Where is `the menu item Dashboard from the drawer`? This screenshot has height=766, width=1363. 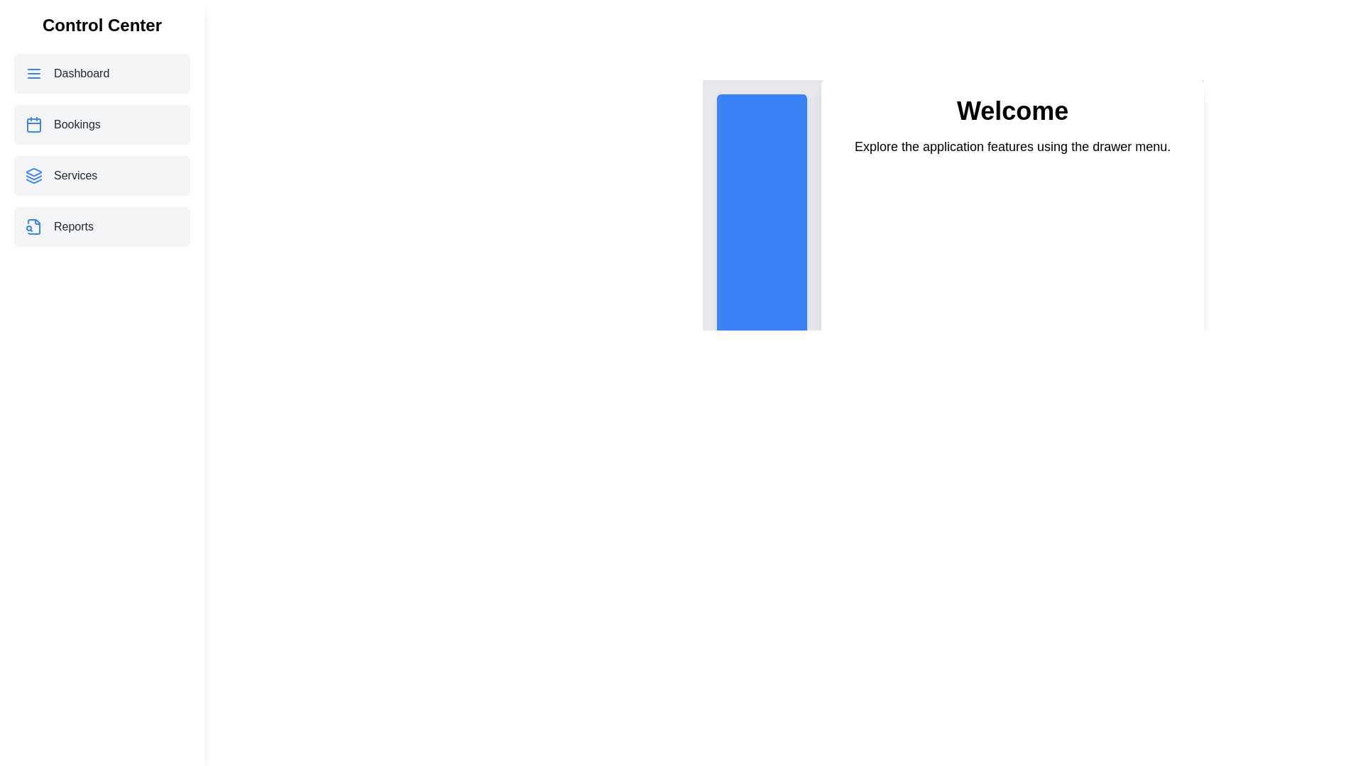 the menu item Dashboard from the drawer is located at coordinates (102, 74).